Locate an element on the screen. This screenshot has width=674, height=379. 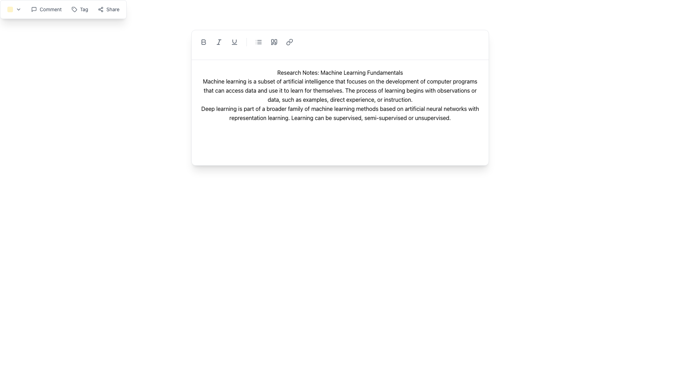
part of the text in the Text content block below the heading 'Research Notes: Machine Learning Fundamentals' for copying is located at coordinates (340, 90).